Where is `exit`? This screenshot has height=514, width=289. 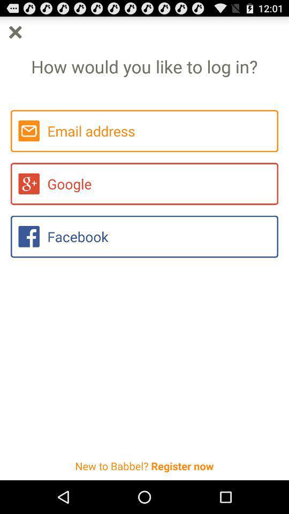 exit is located at coordinates (14, 32).